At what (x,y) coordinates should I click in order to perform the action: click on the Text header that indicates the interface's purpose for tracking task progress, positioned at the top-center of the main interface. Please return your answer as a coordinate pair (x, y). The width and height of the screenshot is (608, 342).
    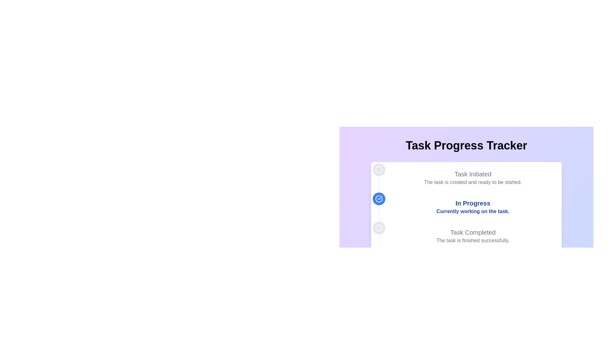
    Looking at the image, I should click on (466, 145).